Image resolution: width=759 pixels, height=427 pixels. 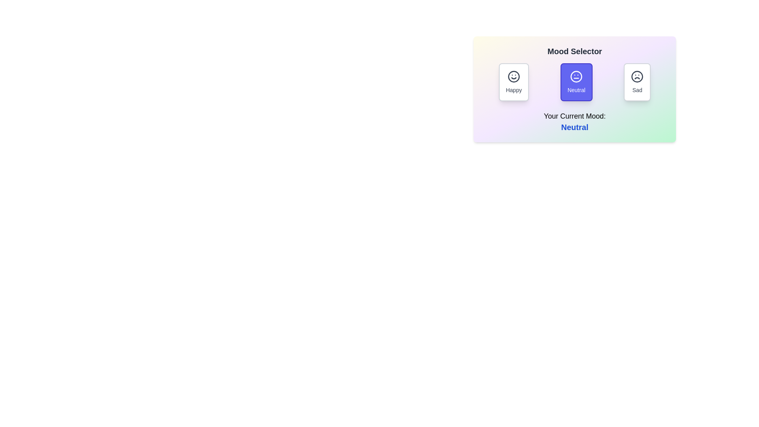 What do you see at coordinates (575, 51) in the screenshot?
I see `the title text element for the mood selector feature, which is located at the top center of the interface, providing context for the mood options below` at bounding box center [575, 51].